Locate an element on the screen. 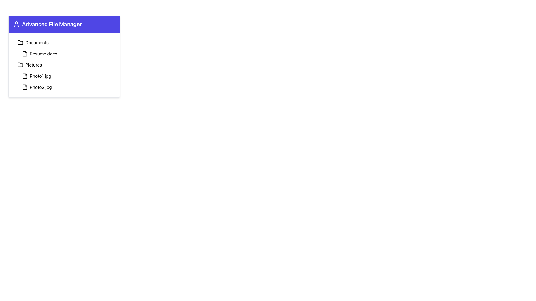 This screenshot has width=536, height=301. the second folder icon under the 'Advanced File Manager' panel, which is styled with a black outline and simplistic design is located at coordinates (20, 64).